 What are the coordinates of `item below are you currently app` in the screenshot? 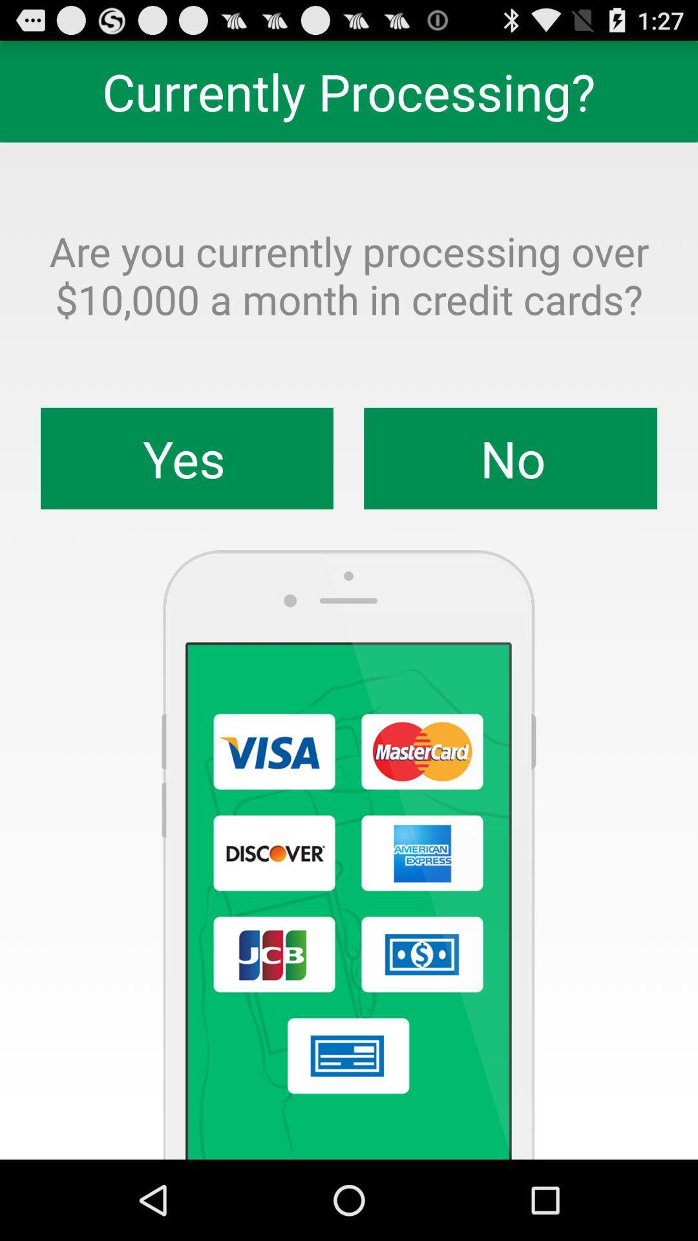 It's located at (187, 458).